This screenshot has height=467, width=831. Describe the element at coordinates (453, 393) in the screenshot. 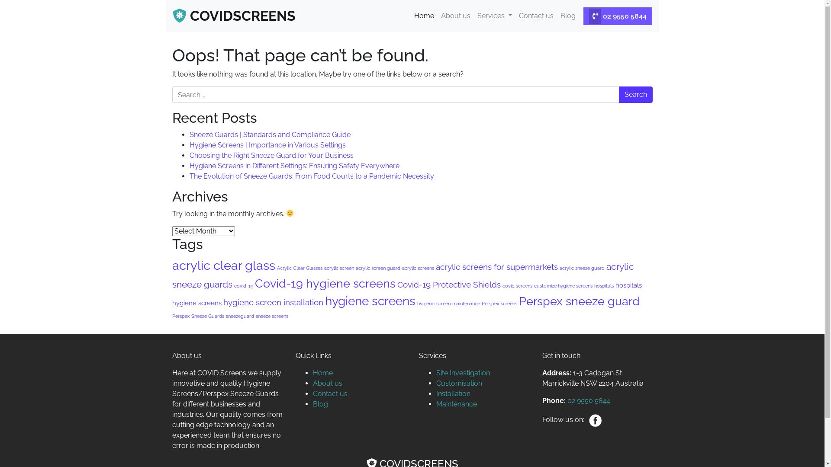

I see `'Installation'` at that location.